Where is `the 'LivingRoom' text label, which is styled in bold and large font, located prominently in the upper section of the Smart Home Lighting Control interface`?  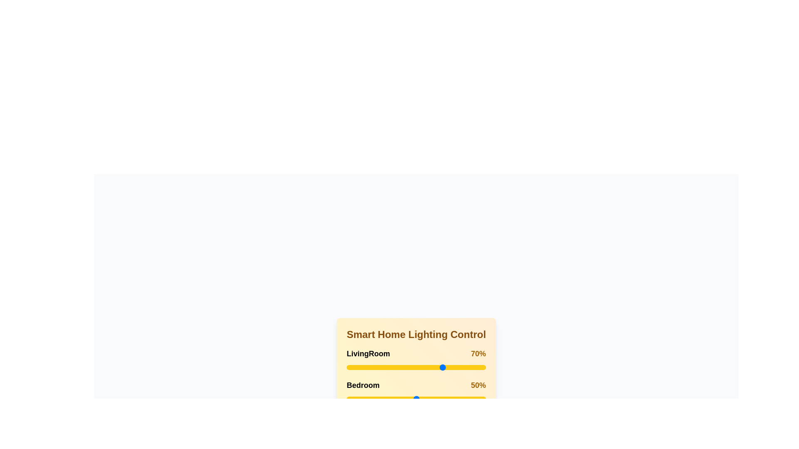
the 'LivingRoom' text label, which is styled in bold and large font, located prominently in the upper section of the Smart Home Lighting Control interface is located at coordinates (368, 354).